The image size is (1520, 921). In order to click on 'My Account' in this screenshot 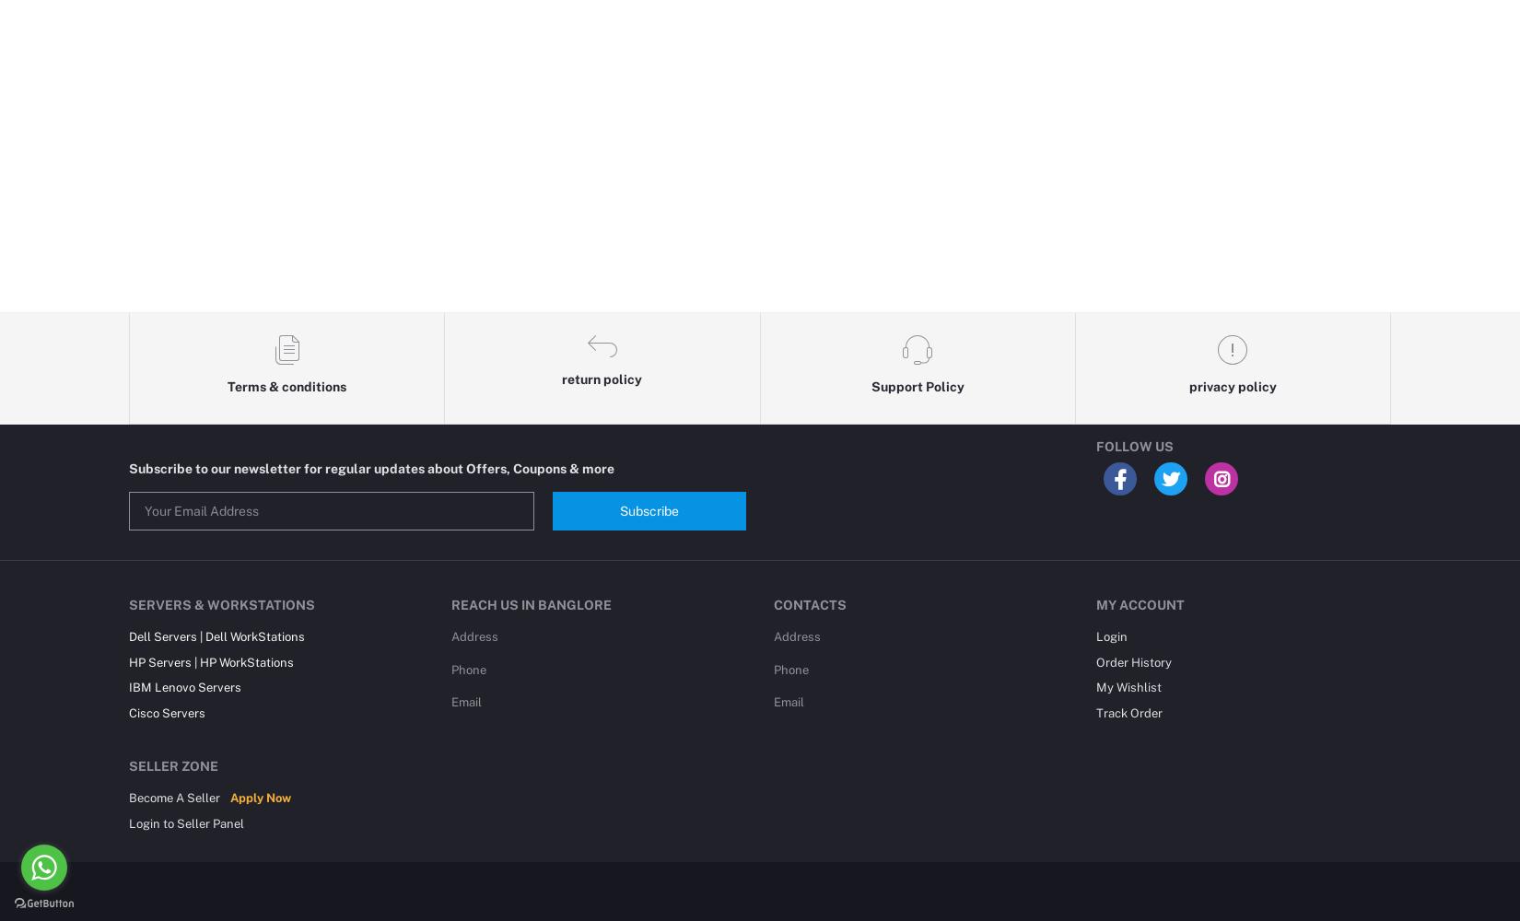, I will do `click(1140, 605)`.